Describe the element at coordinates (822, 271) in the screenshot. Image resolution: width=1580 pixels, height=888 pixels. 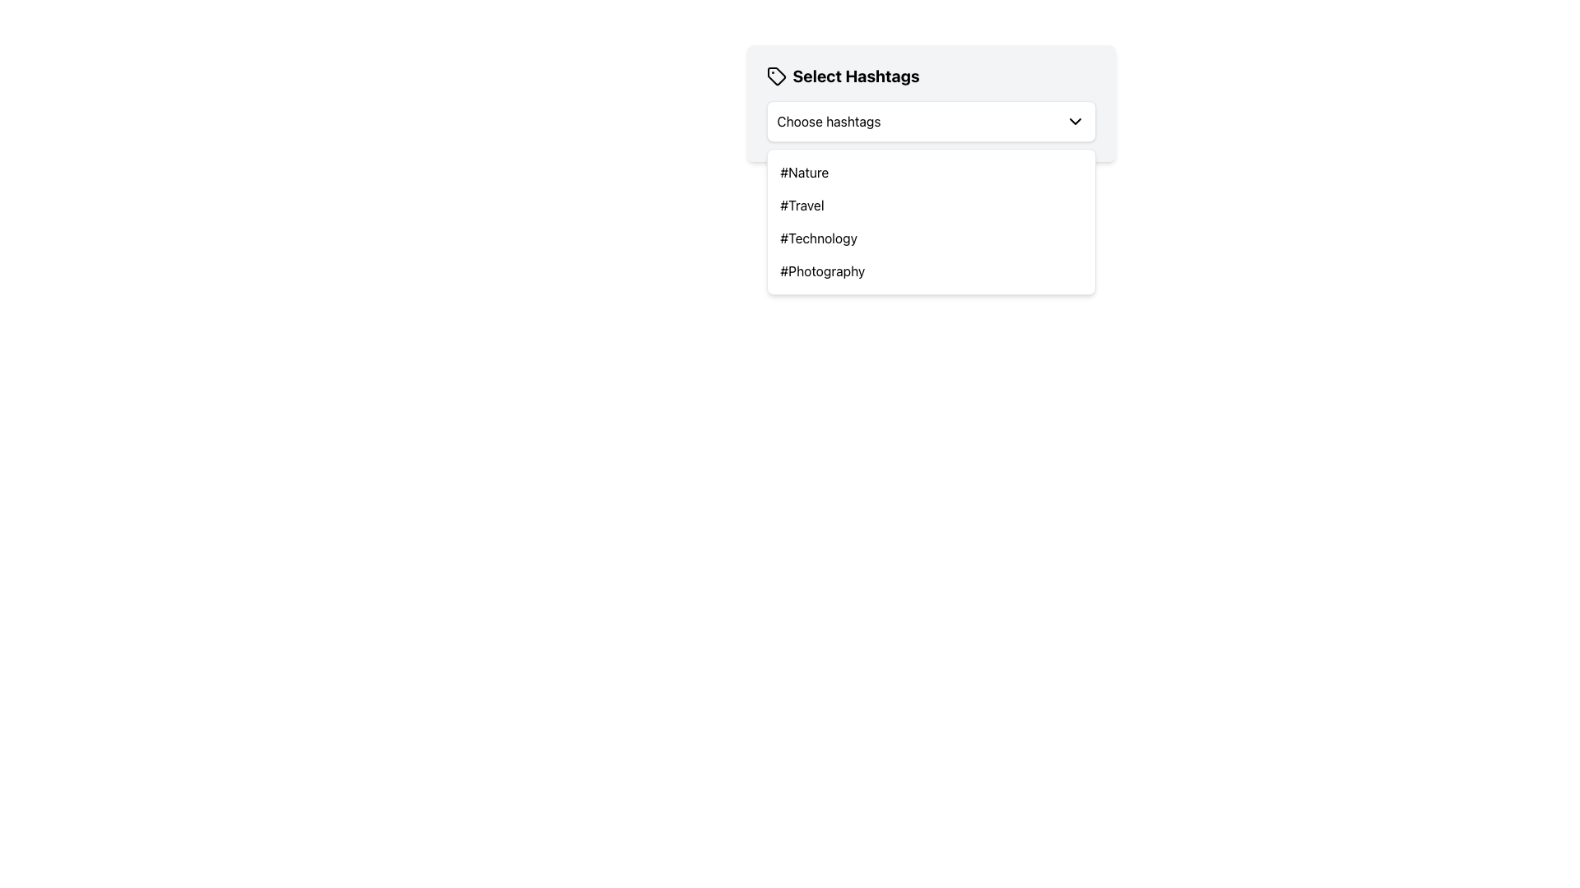
I see `the fourth option in the hashtags dropdown menu` at that location.